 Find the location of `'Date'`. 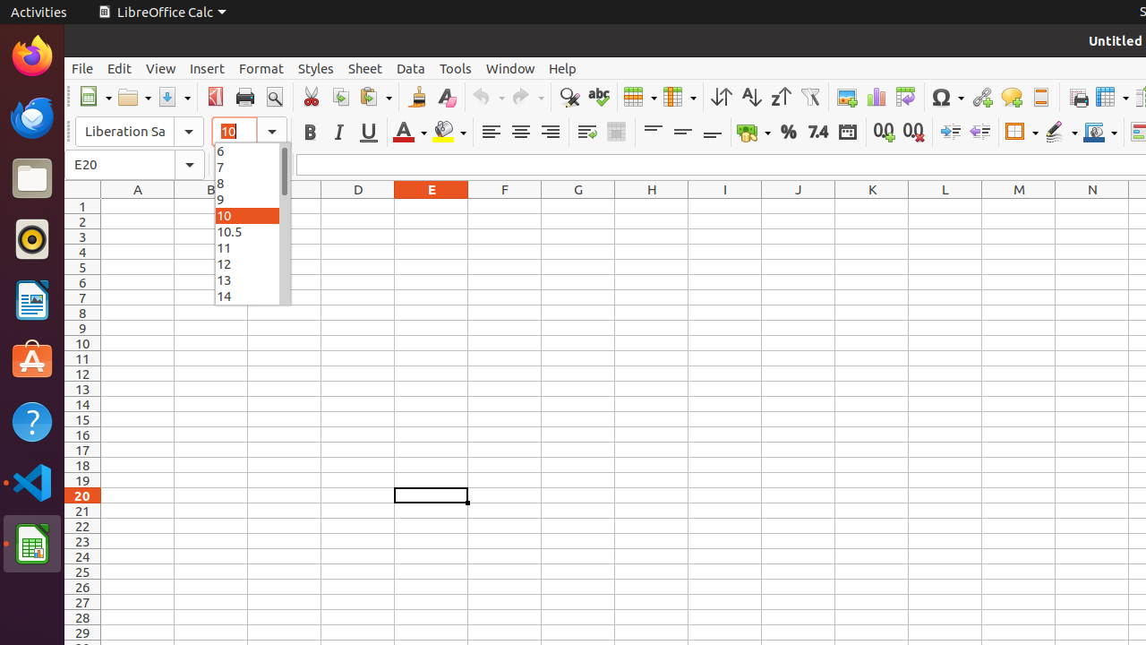

'Date' is located at coordinates (846, 131).